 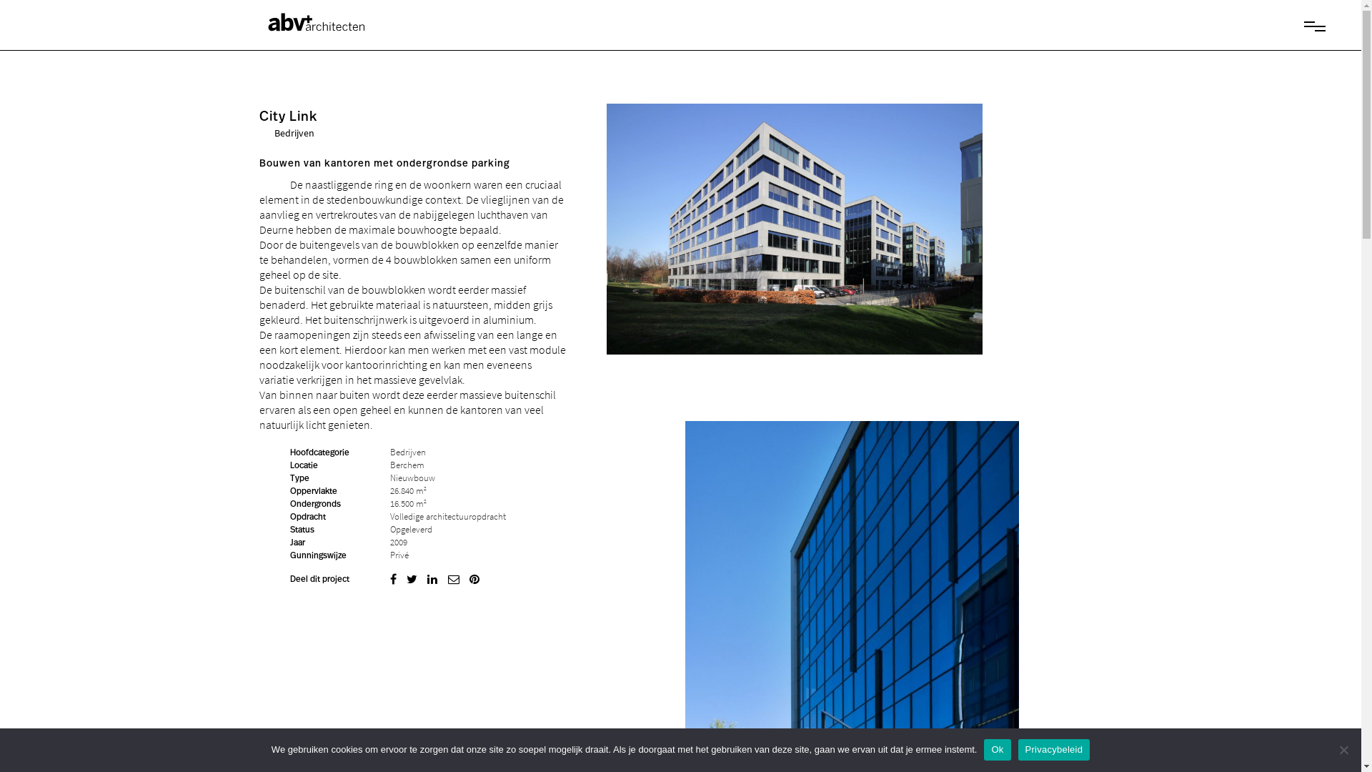 What do you see at coordinates (1343, 749) in the screenshot?
I see `'Nee'` at bounding box center [1343, 749].